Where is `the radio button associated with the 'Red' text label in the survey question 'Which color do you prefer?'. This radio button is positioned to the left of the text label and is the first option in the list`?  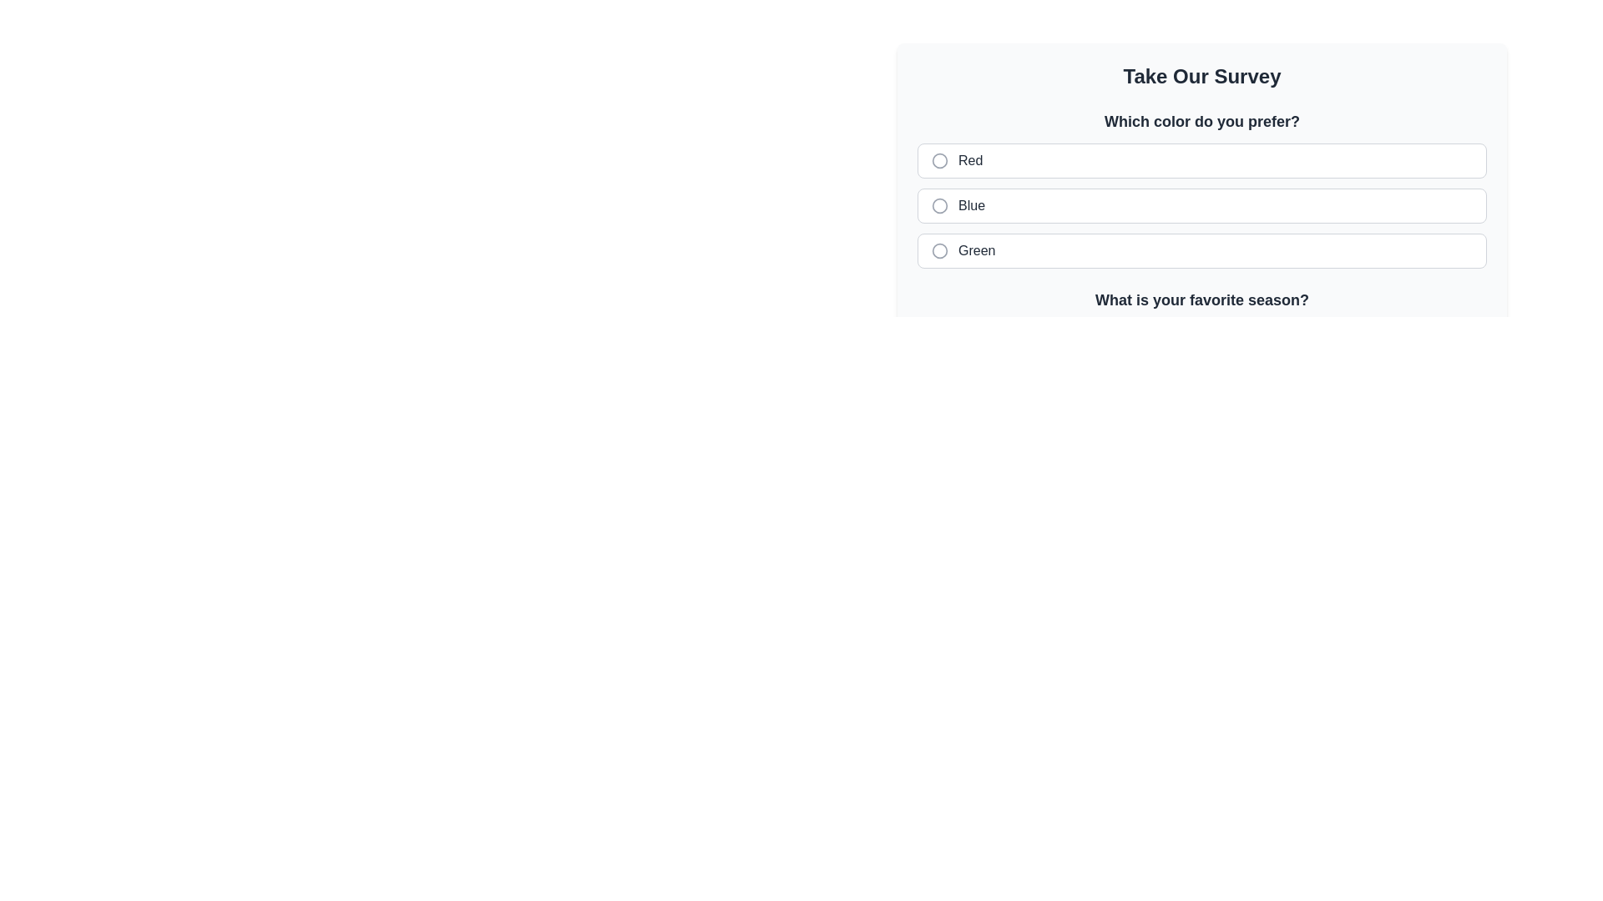 the radio button associated with the 'Red' text label in the survey question 'Which color do you prefer?'. This radio button is positioned to the left of the text label and is the first option in the list is located at coordinates (970, 160).